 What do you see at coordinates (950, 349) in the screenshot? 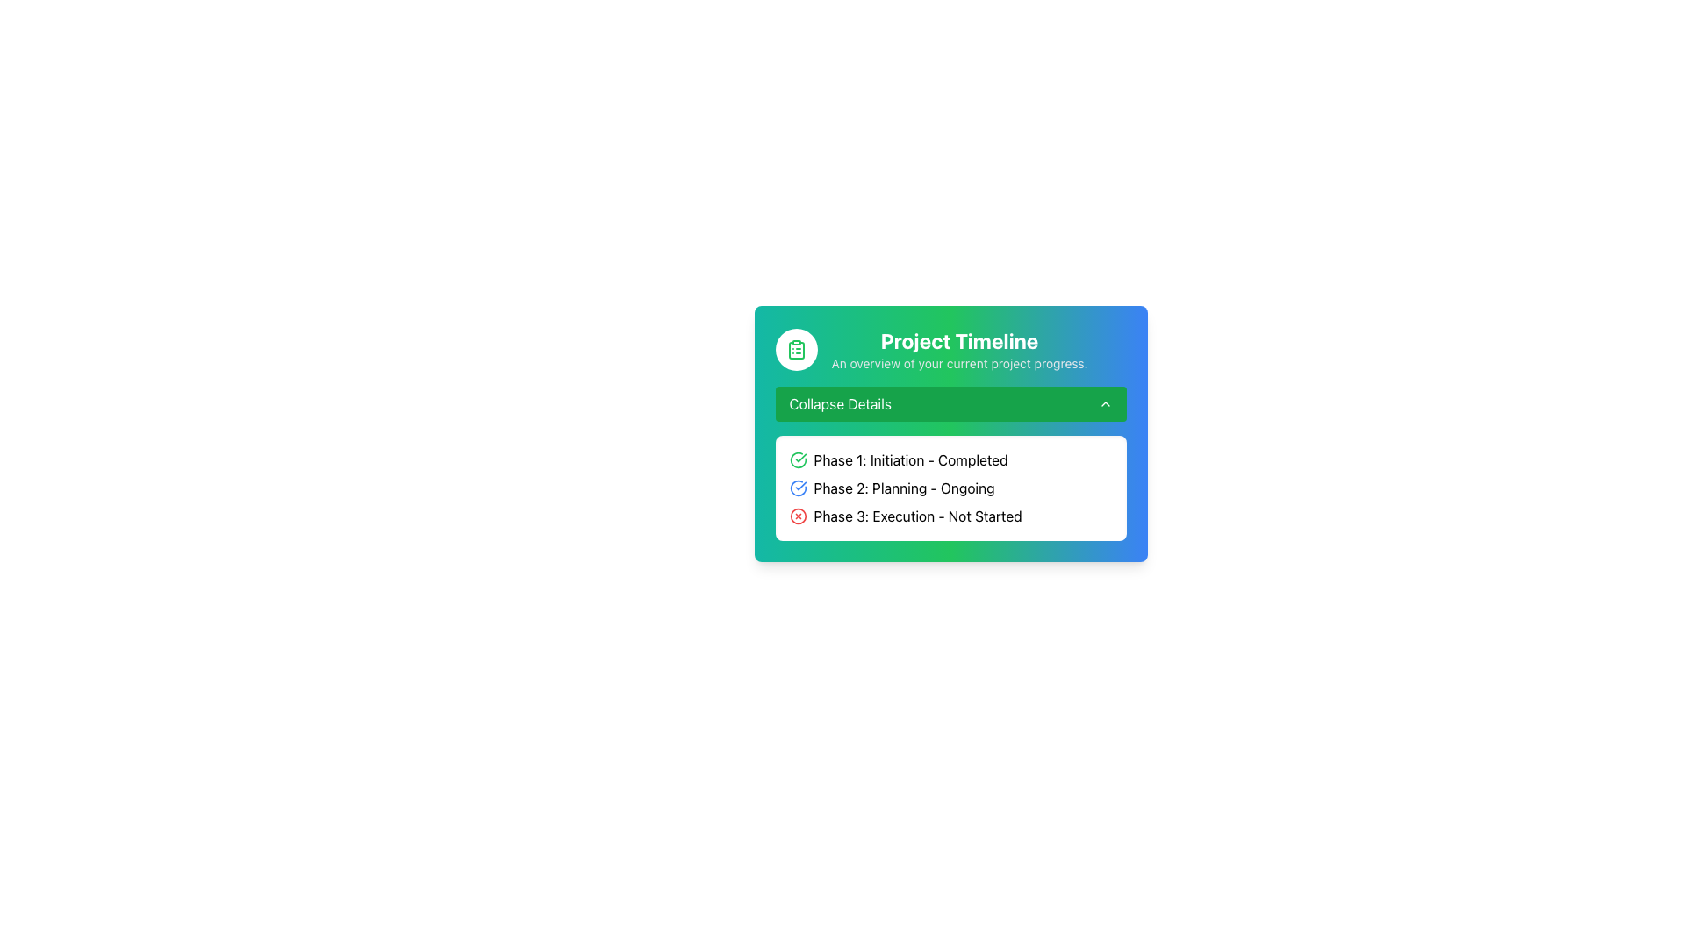
I see `the 'Project Timeline' Text Block with Icon element, which is visually grouped on a green gradient background and contains a clipboard icon, to trigger interaction effects` at bounding box center [950, 349].